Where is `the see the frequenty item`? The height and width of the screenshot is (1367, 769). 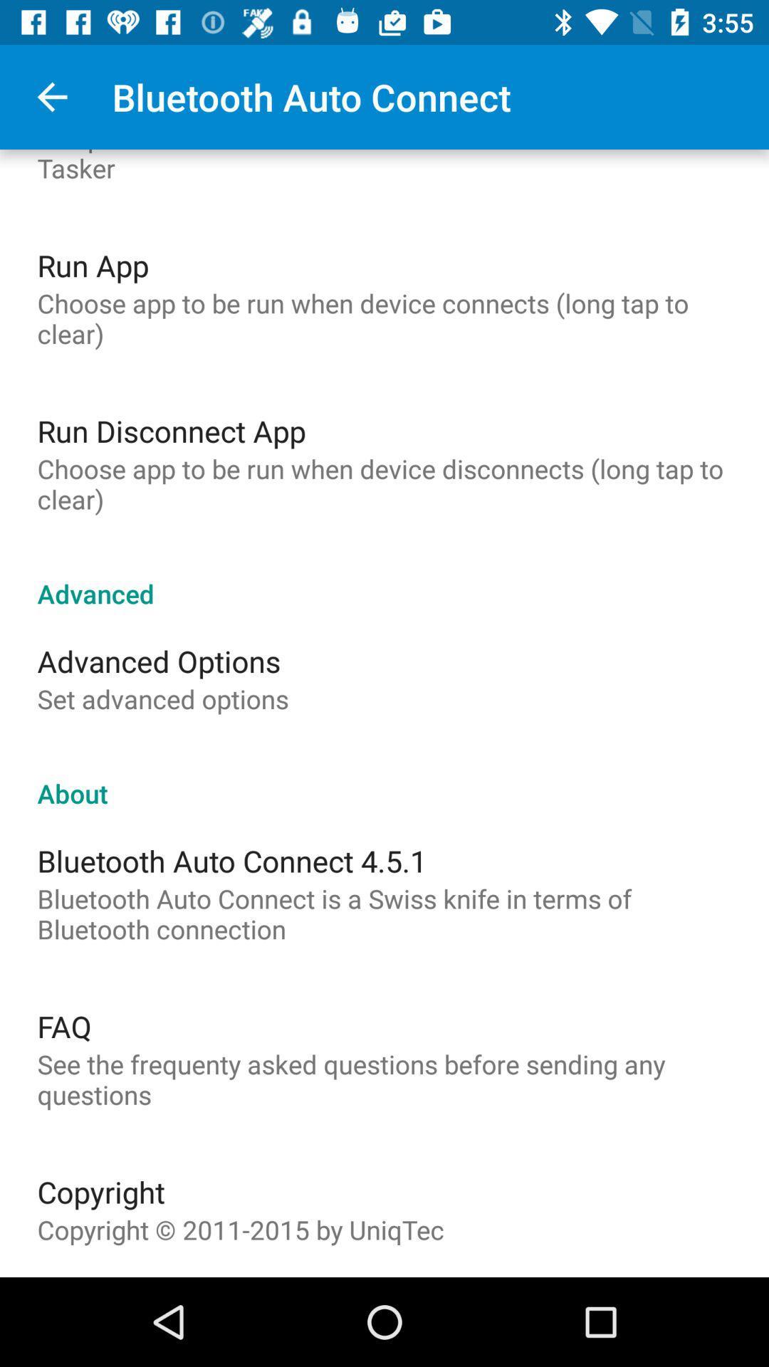 the see the frequenty item is located at coordinates (384, 1079).